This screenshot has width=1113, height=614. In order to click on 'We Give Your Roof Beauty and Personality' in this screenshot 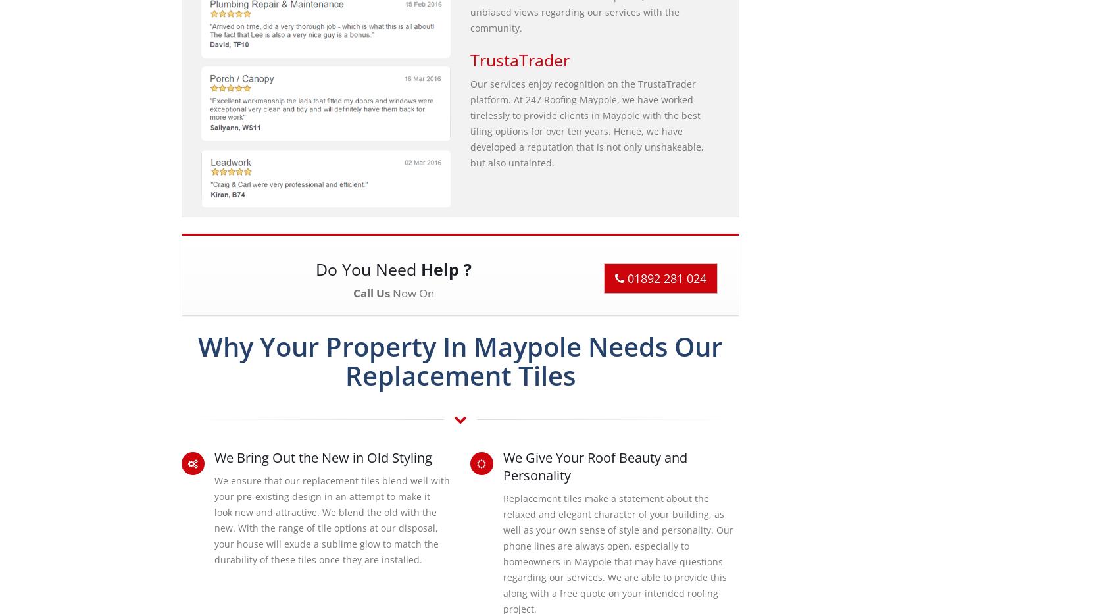, I will do `click(594, 465)`.